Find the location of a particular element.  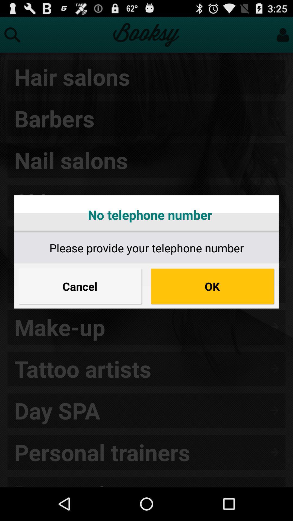

icon on the left is located at coordinates (80, 286).